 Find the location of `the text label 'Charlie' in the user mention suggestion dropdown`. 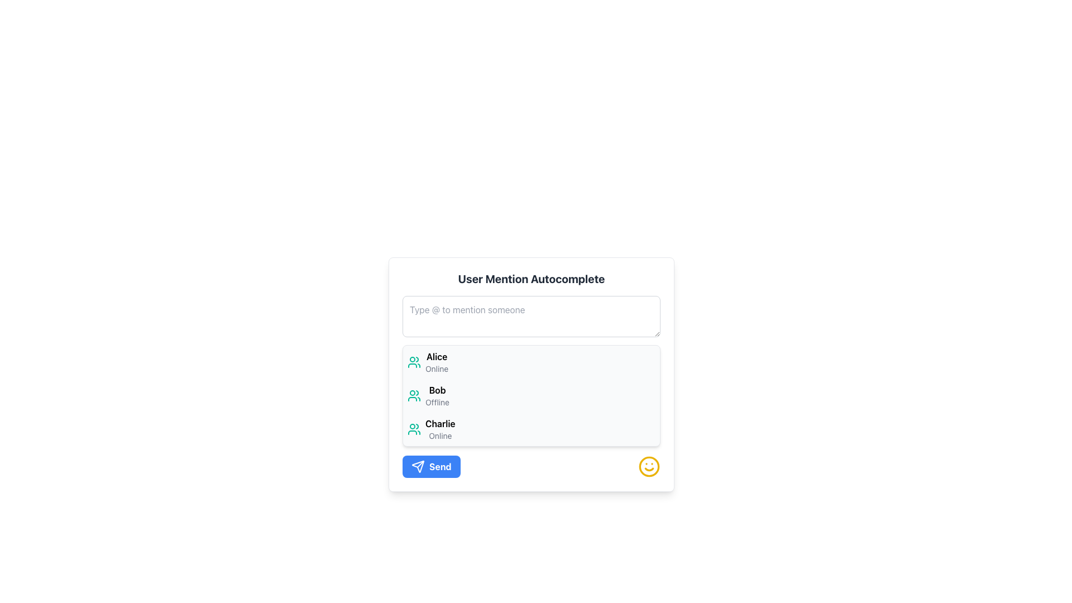

the text label 'Charlie' in the user mention suggestion dropdown is located at coordinates (439, 424).